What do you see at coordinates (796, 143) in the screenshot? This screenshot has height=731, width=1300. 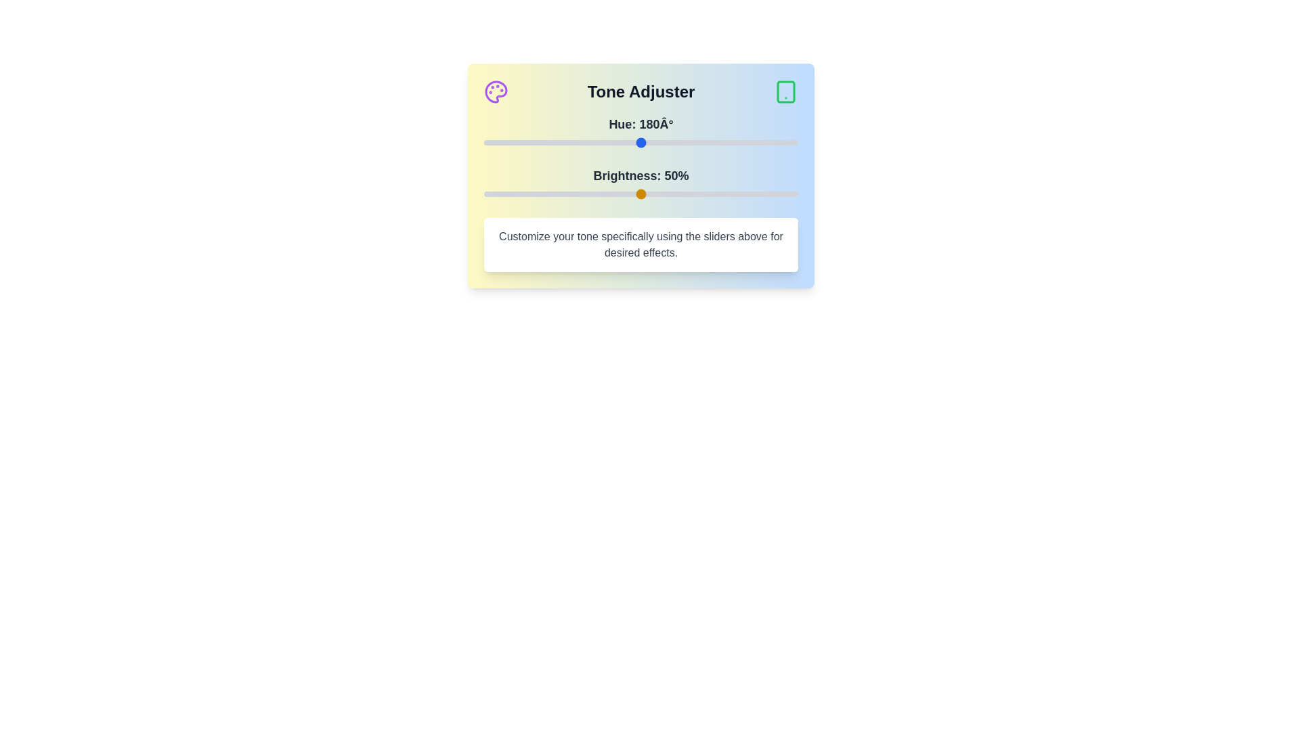 I see `the hue slider to set the hue to 358 degrees` at bounding box center [796, 143].